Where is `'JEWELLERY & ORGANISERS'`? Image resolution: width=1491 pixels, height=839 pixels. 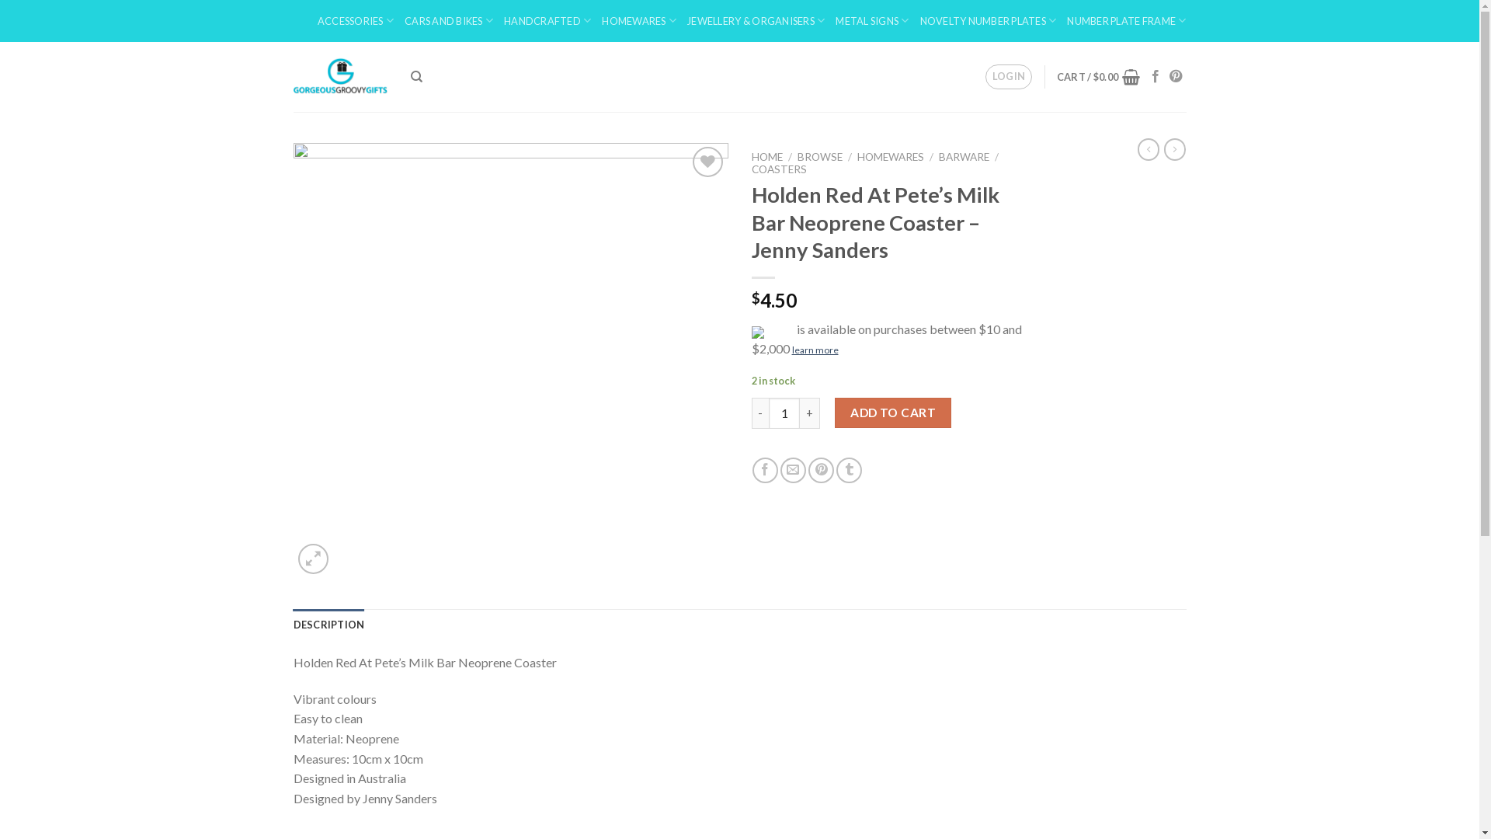 'JEWELLERY & ORGANISERS' is located at coordinates (756, 21).